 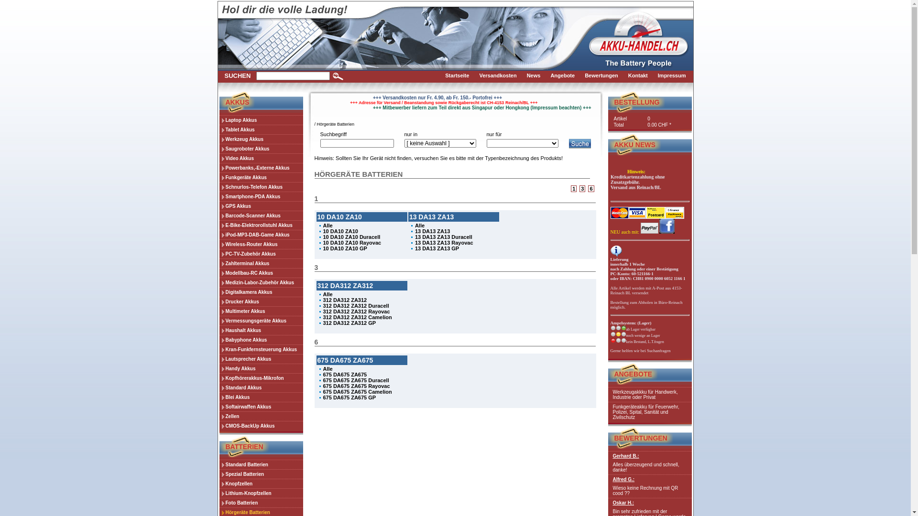 I want to click on '13 DA13 ZA13 GP', so click(x=436, y=248).